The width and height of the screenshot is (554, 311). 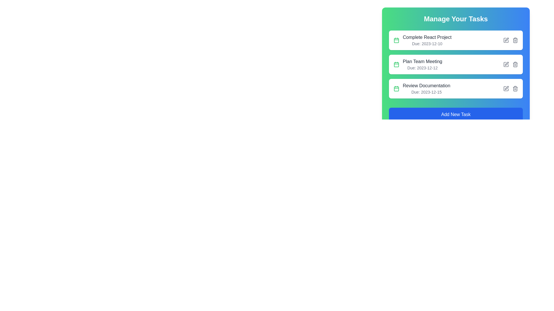 I want to click on the due date text label located beneath the 'Plan Team Meeting' text within the task card, so click(x=422, y=67).